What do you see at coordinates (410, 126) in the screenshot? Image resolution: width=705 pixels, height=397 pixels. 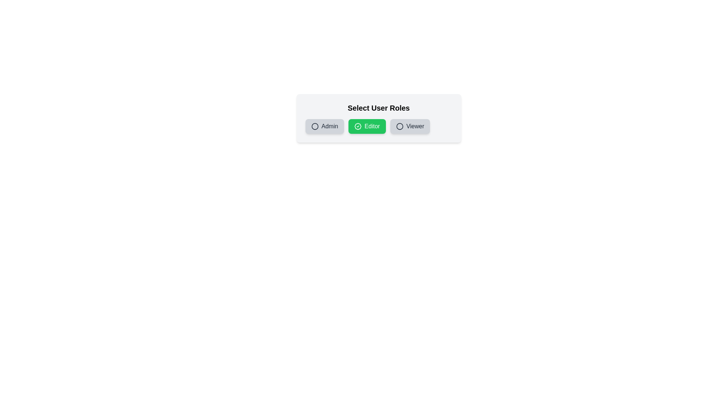 I see `the role Viewer by clicking its button` at bounding box center [410, 126].